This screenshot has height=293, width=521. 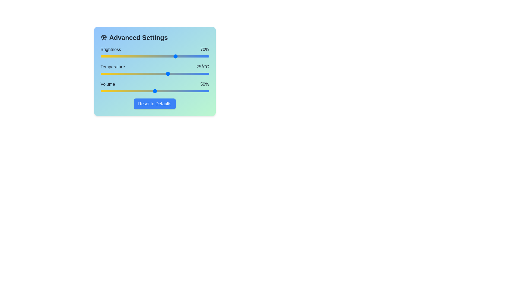 I want to click on the volume slider to 22%, so click(x=124, y=91).